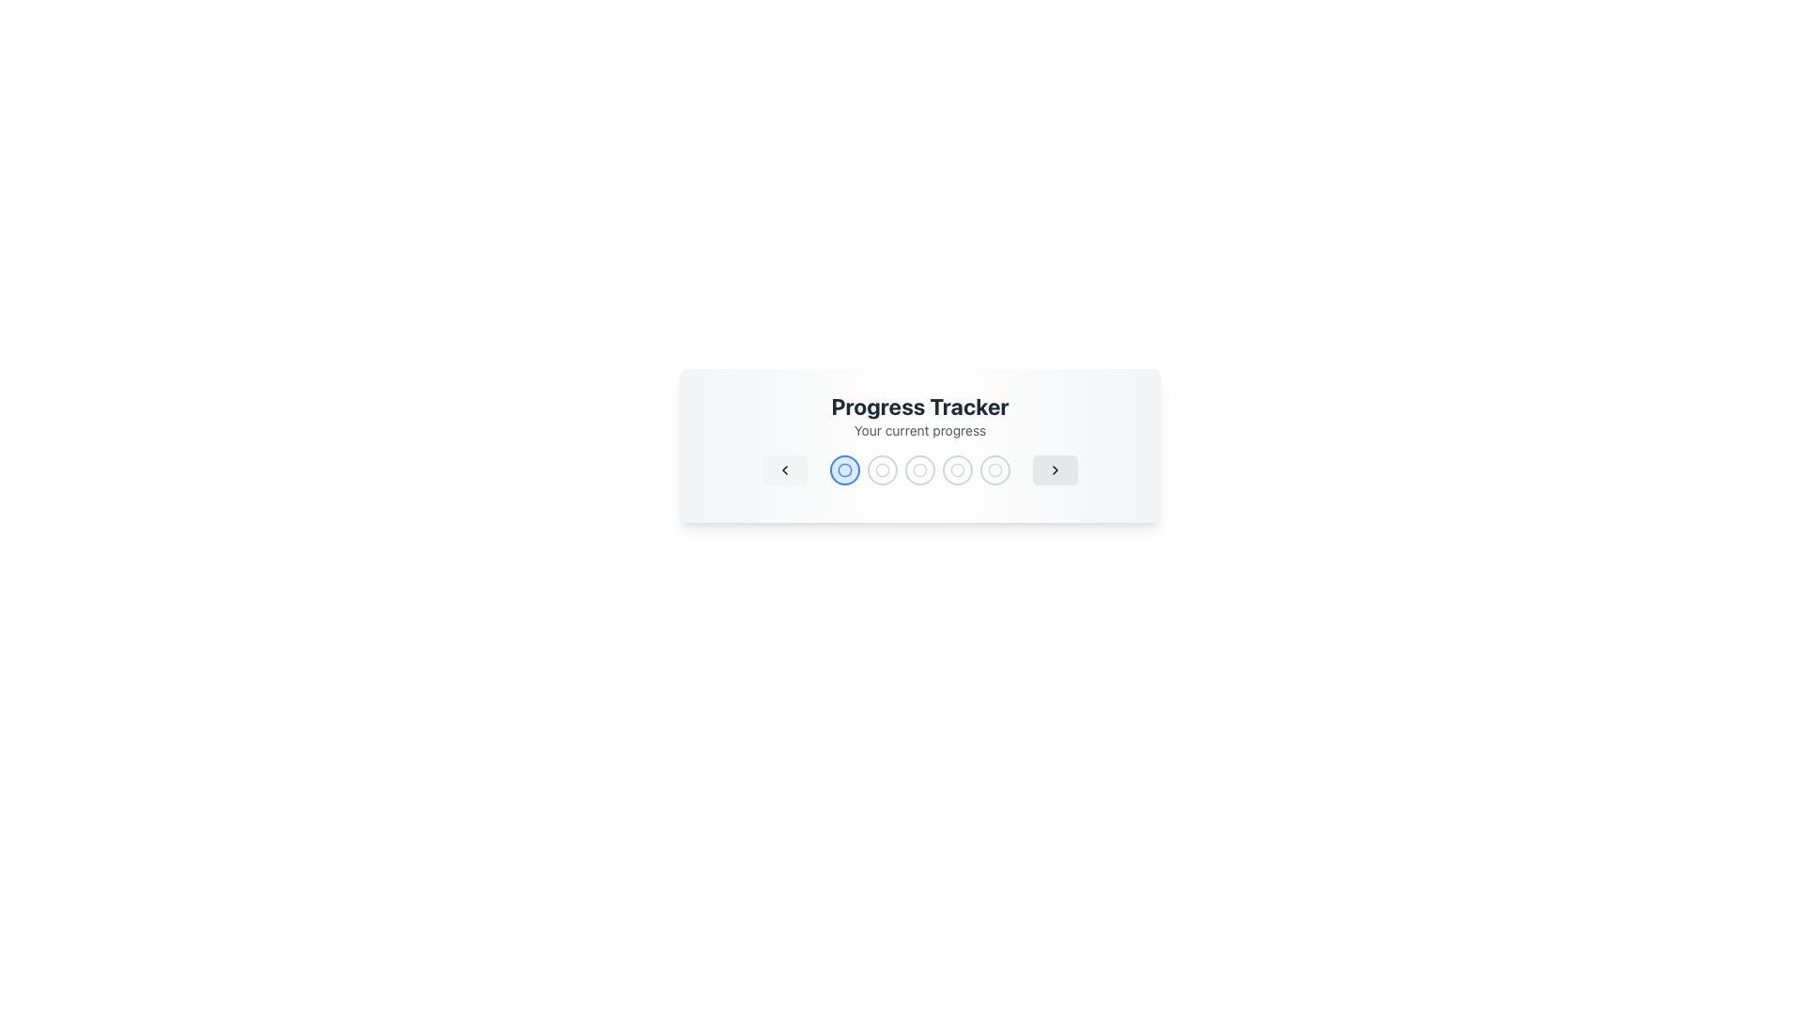 This screenshot has height=1014, width=1803. Describe the element at coordinates (784, 469) in the screenshot. I see `the backward navigation button located at the far-left side of the horizontal progress tracker` at that location.